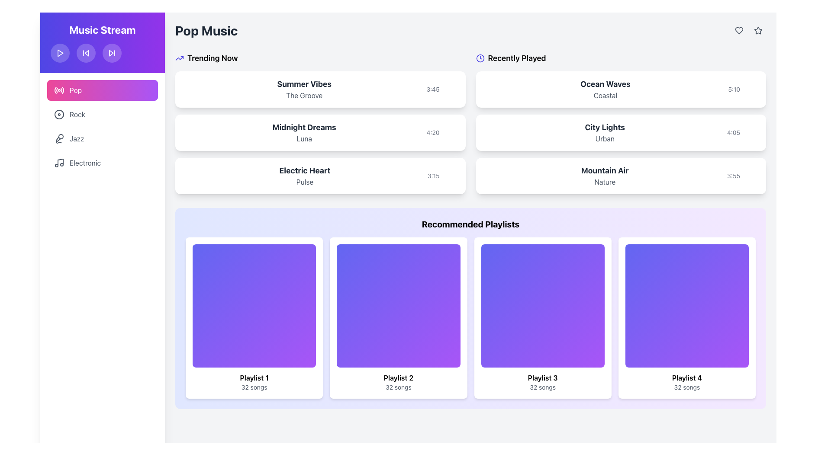 This screenshot has height=467, width=831. I want to click on the interactive card labeled 'Ocean Waves' with the subtitle 'Coastal' and timestamp '5:10' located in the 'Recently Played' section, so click(620, 90).